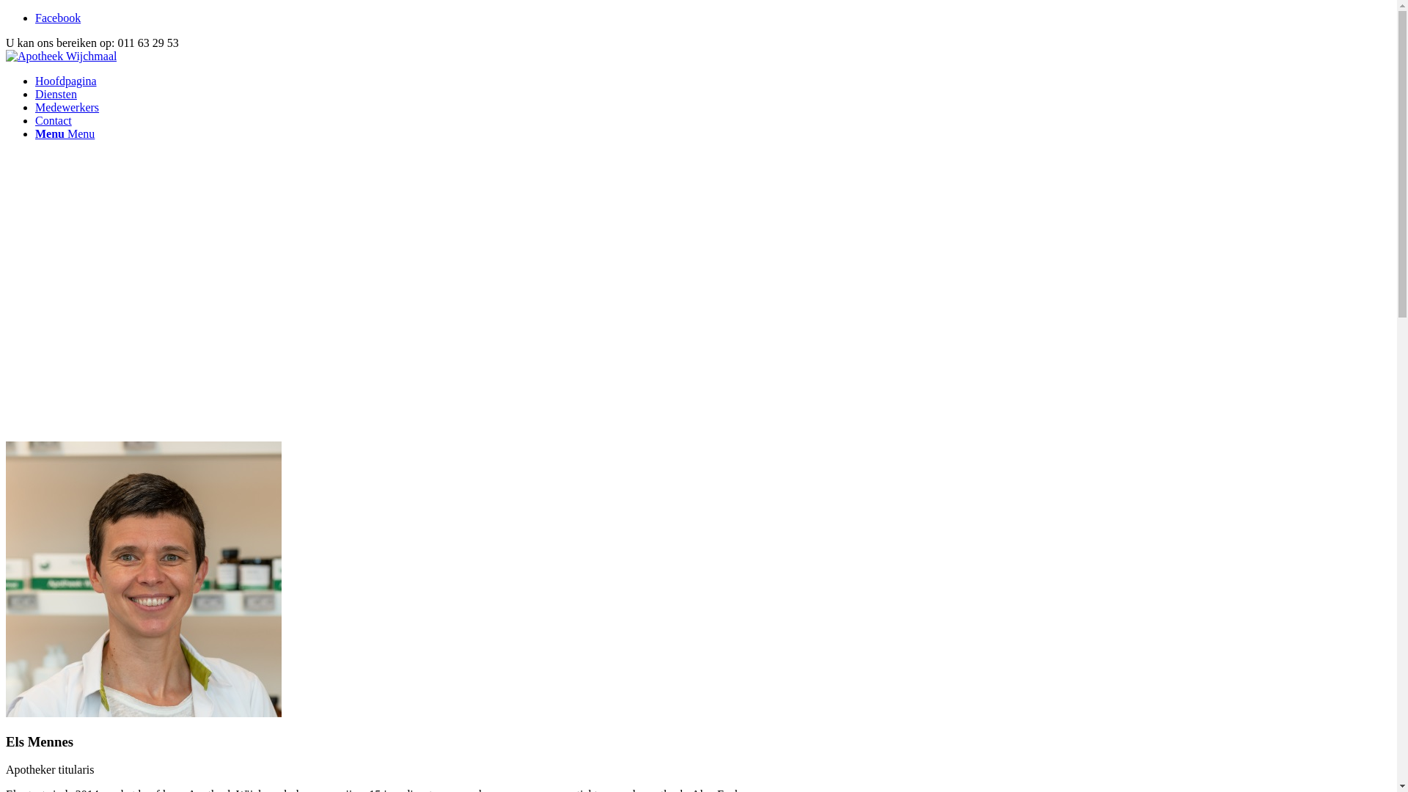 Image resolution: width=1408 pixels, height=792 pixels. What do you see at coordinates (57, 18) in the screenshot?
I see `'Facebook'` at bounding box center [57, 18].